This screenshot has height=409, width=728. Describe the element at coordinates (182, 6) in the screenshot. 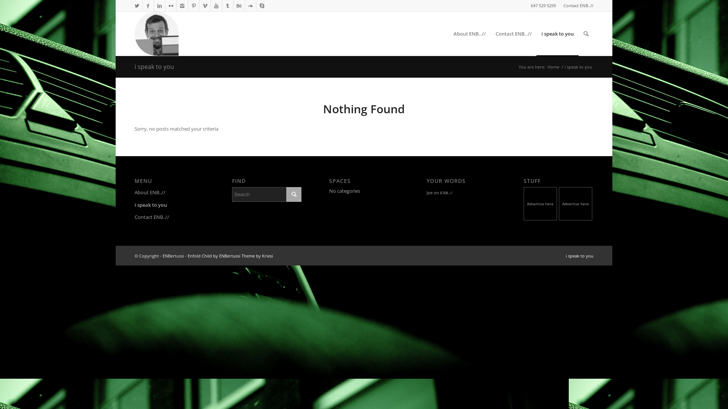

I see `'Instagram'` at that location.